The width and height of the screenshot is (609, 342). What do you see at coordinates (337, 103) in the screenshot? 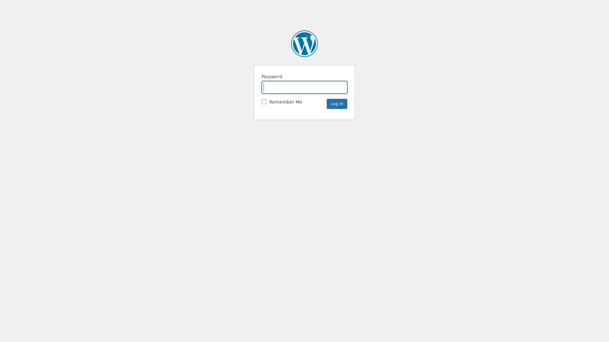
I see `Log In` at bounding box center [337, 103].